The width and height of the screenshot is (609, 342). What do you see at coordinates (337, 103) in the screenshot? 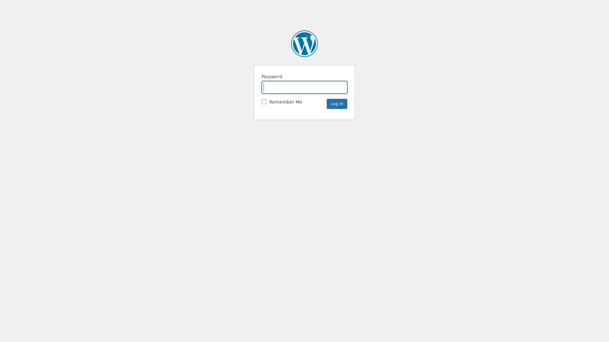
I see `Log In` at bounding box center [337, 103].